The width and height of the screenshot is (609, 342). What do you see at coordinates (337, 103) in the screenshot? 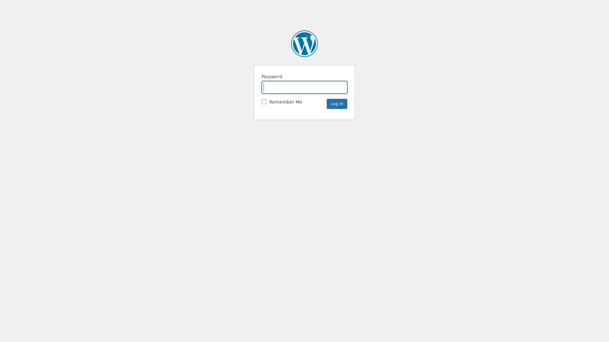
I see `Log In` at bounding box center [337, 103].